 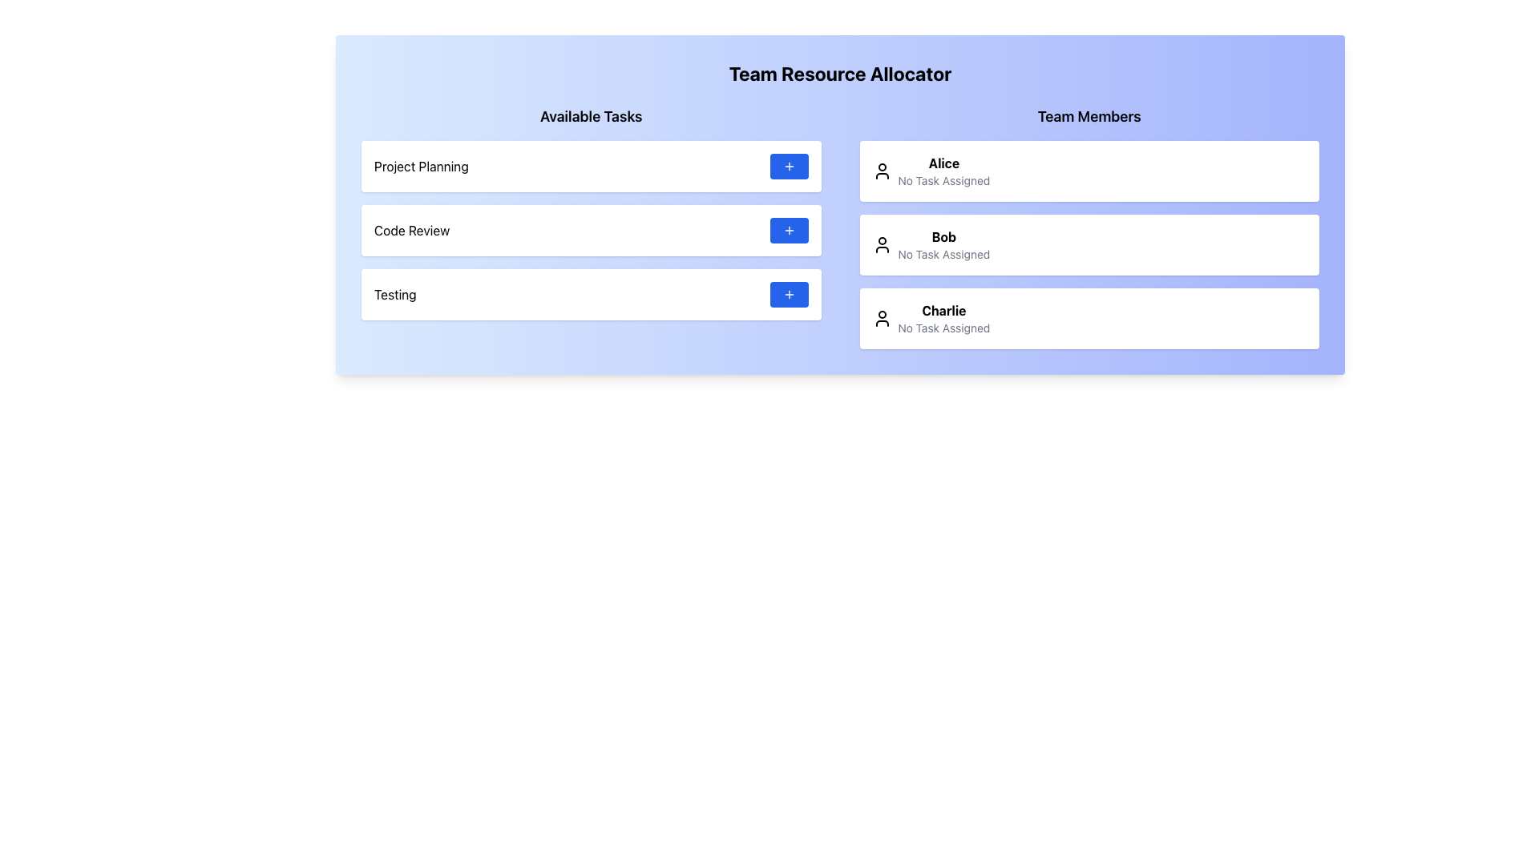 I want to click on the 'Code Review' button located on the far right of the 'Code Review' row, so click(x=789, y=231).